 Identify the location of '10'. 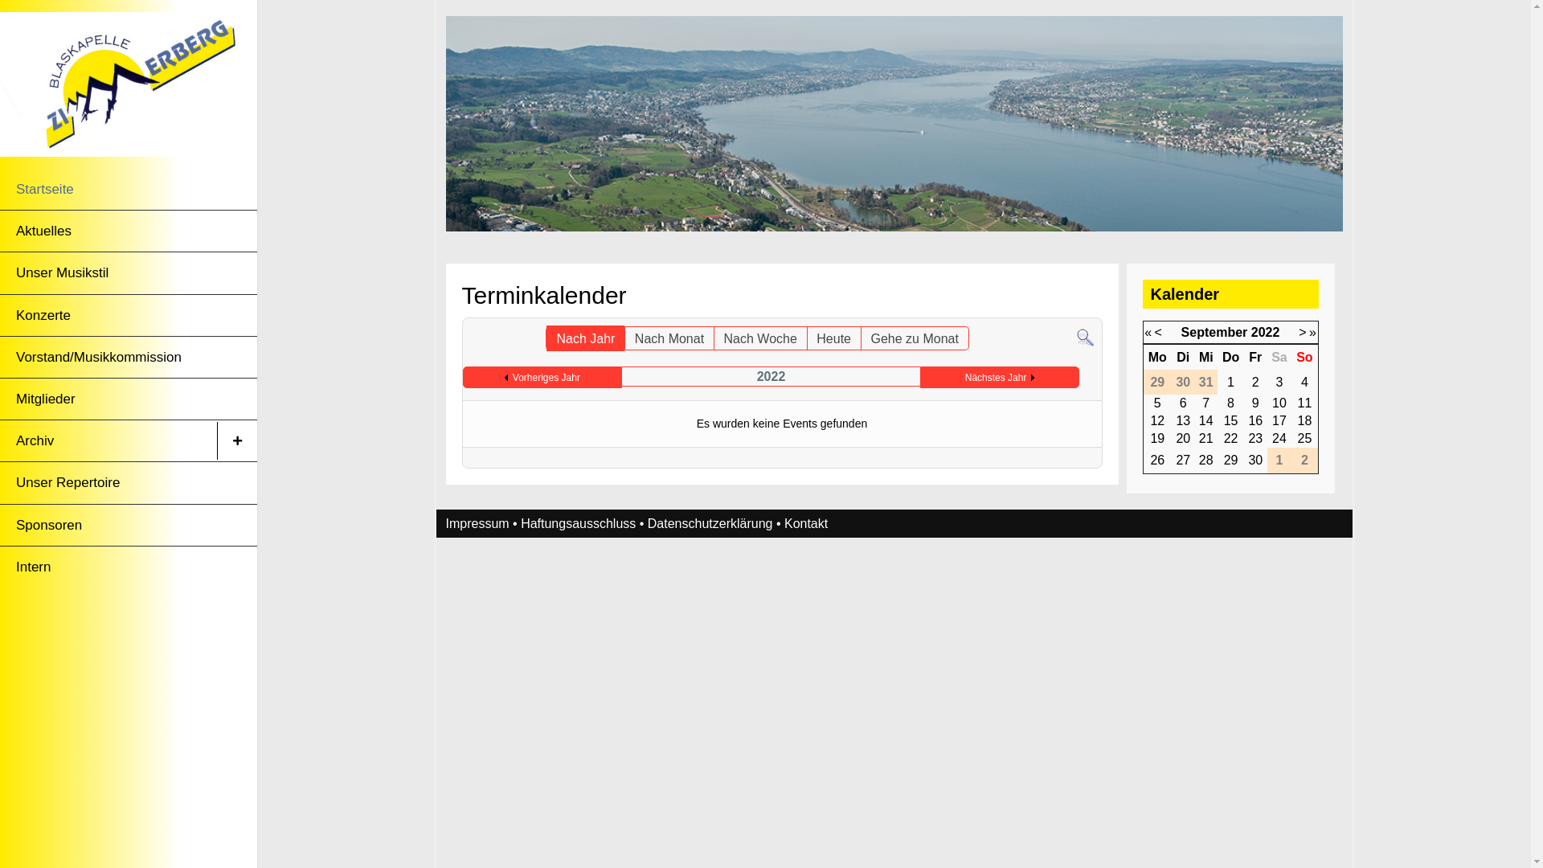
(1271, 402).